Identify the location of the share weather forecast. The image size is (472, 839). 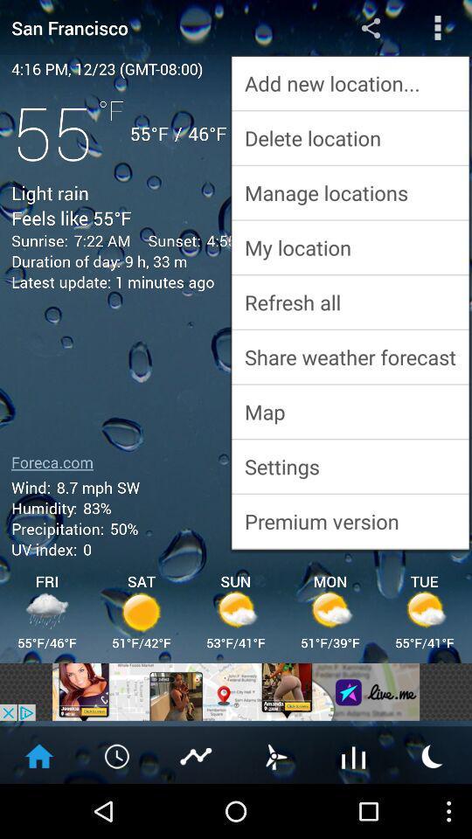
(350, 356).